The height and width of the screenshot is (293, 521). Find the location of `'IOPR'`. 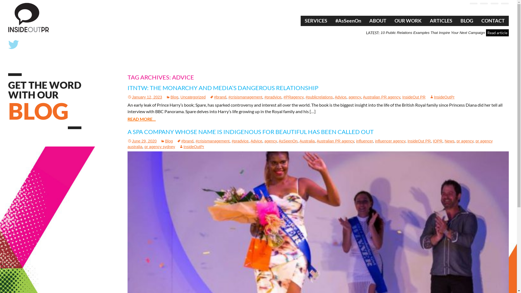

'IOPR' is located at coordinates (437, 141).